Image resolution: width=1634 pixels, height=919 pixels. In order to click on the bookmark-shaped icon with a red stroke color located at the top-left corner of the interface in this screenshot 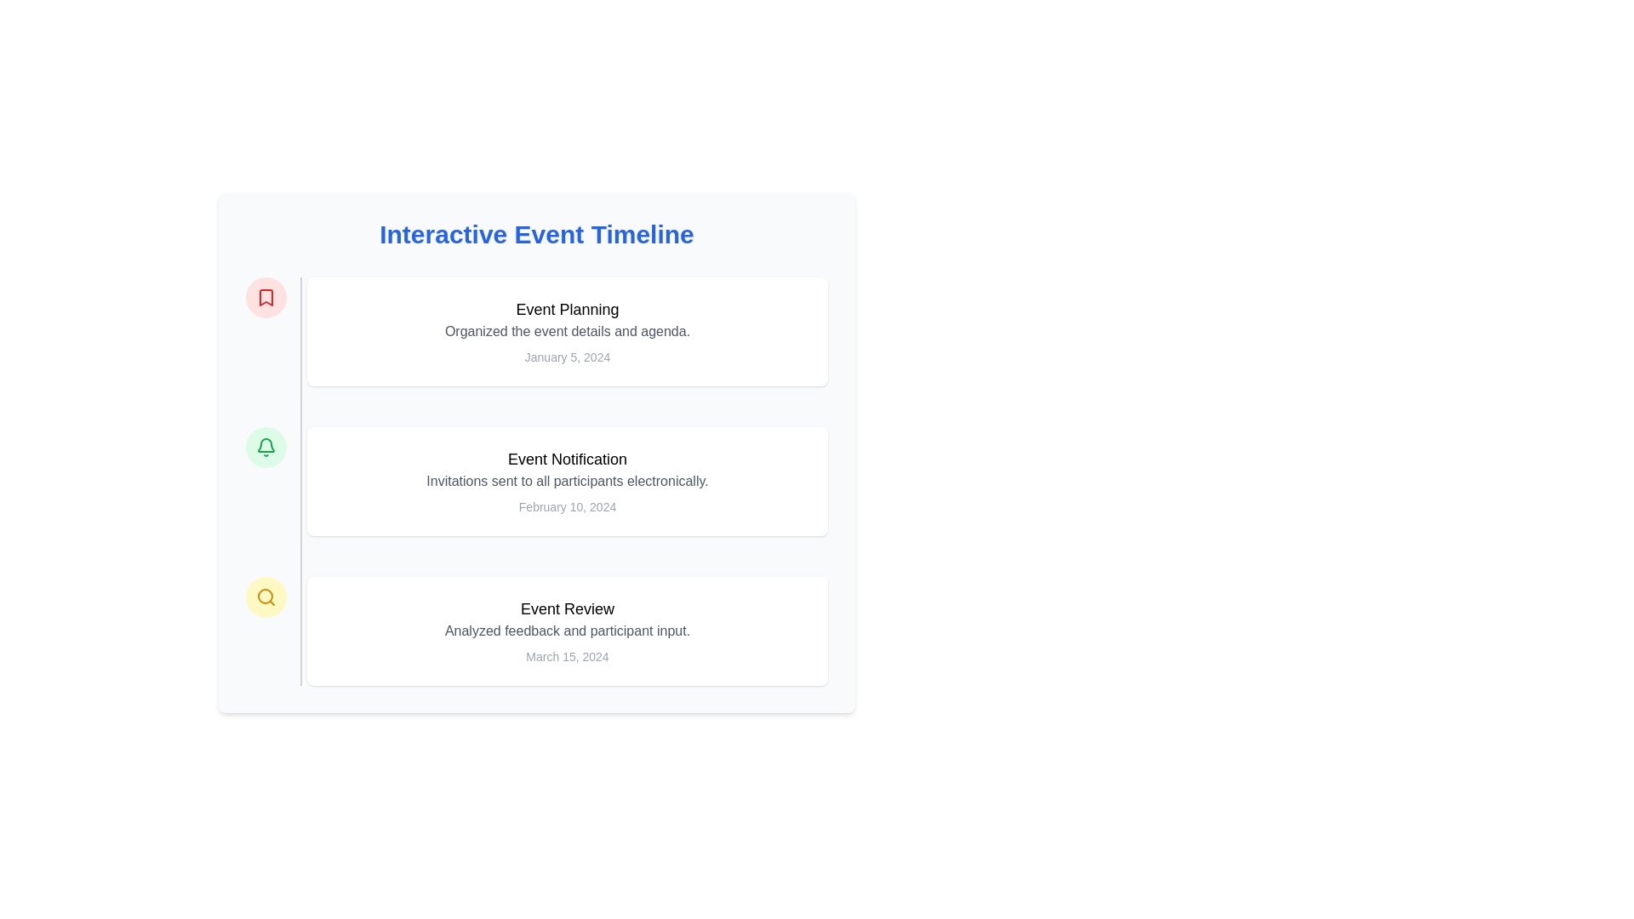, I will do `click(265, 297)`.